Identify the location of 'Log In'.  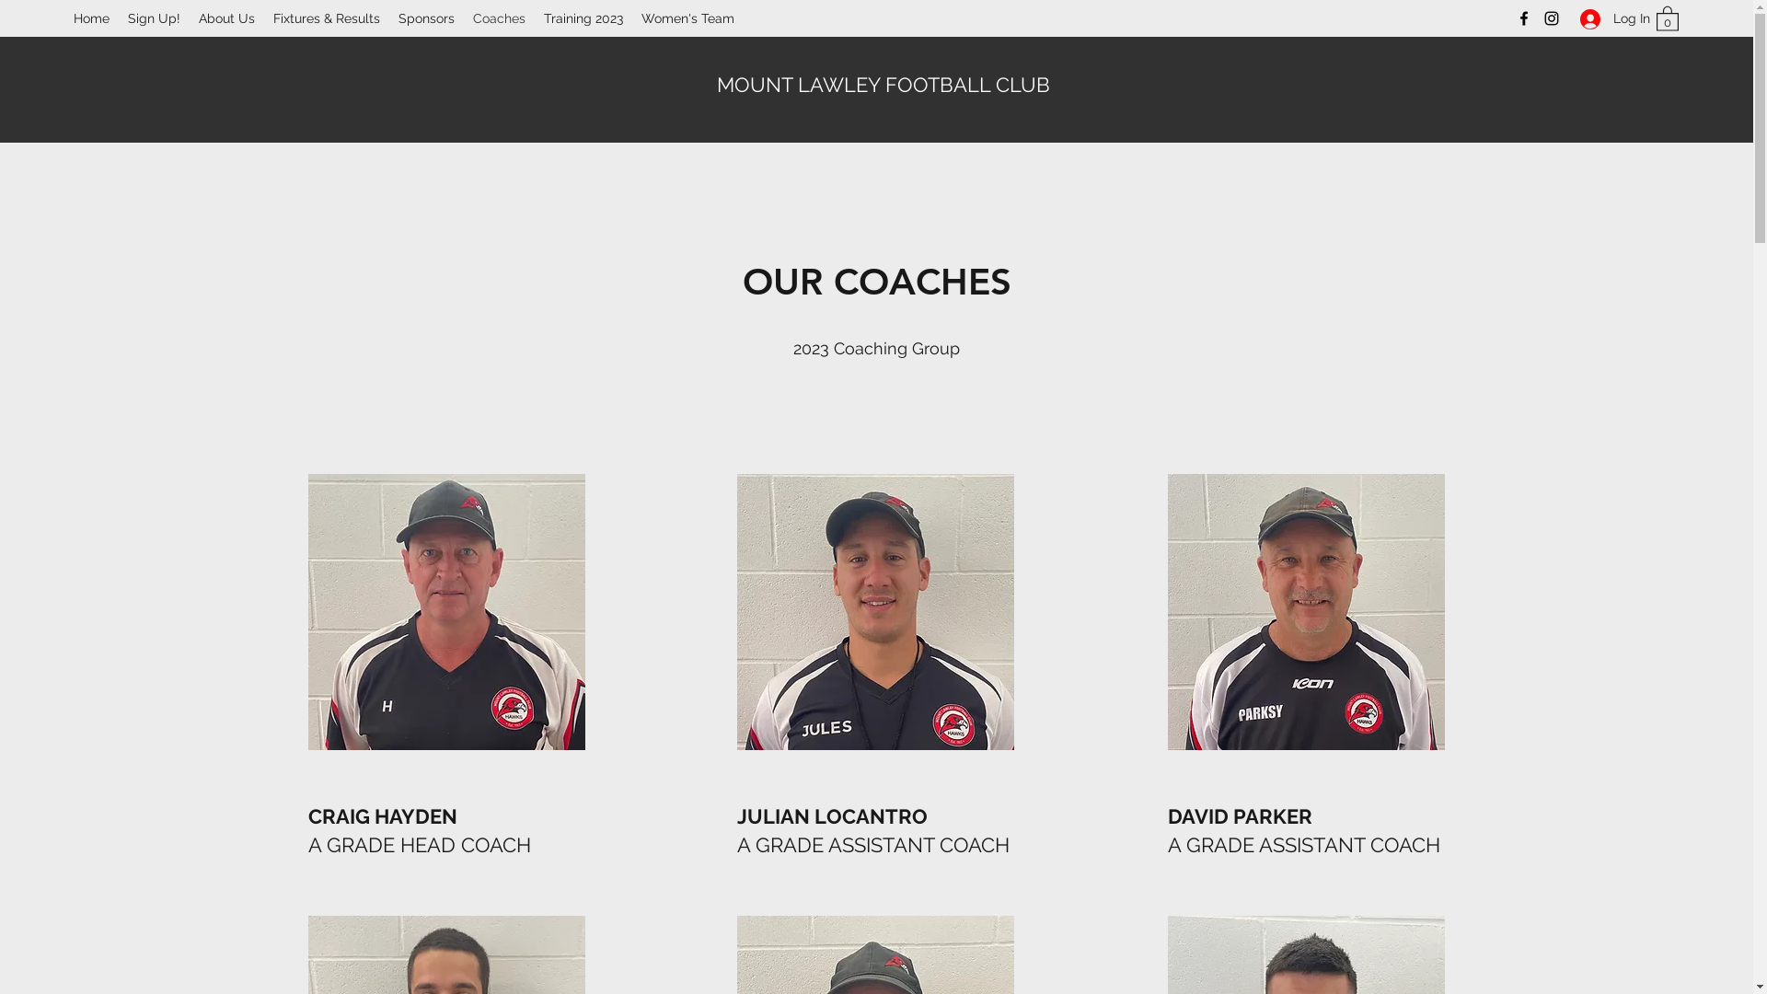
(1607, 18).